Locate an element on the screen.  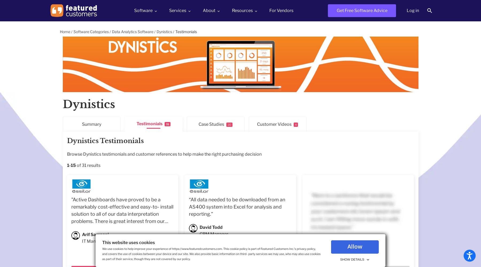
'Add Your Company' is located at coordinates (251, 38).